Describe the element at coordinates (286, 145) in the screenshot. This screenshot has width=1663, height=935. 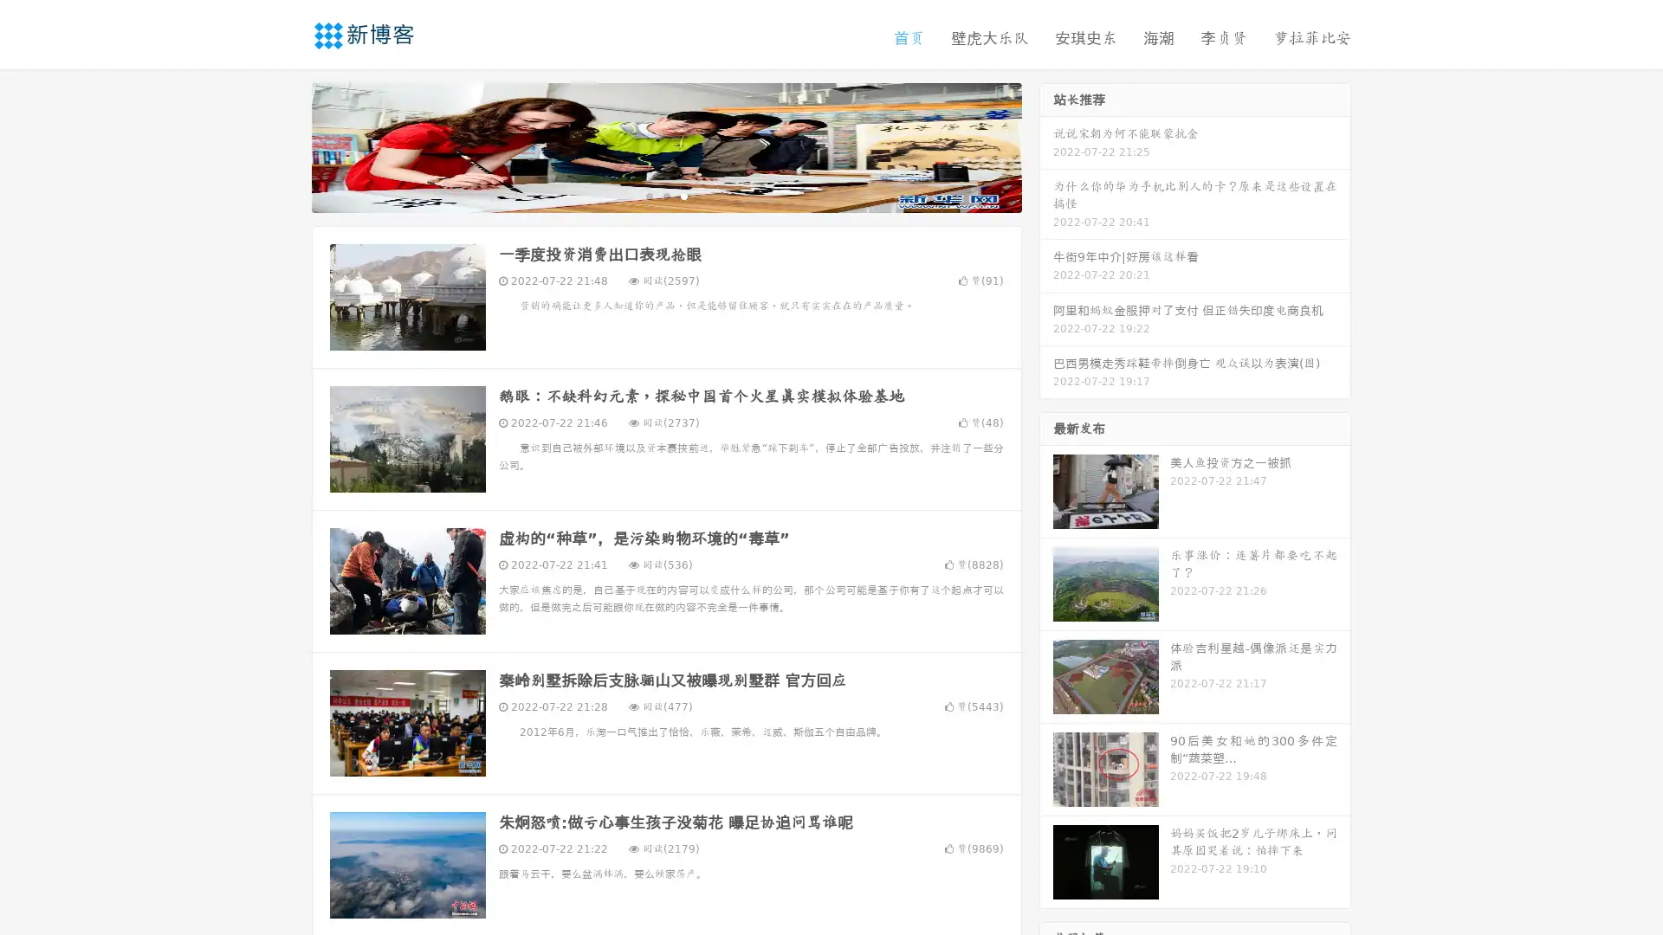
I see `Previous slide` at that location.